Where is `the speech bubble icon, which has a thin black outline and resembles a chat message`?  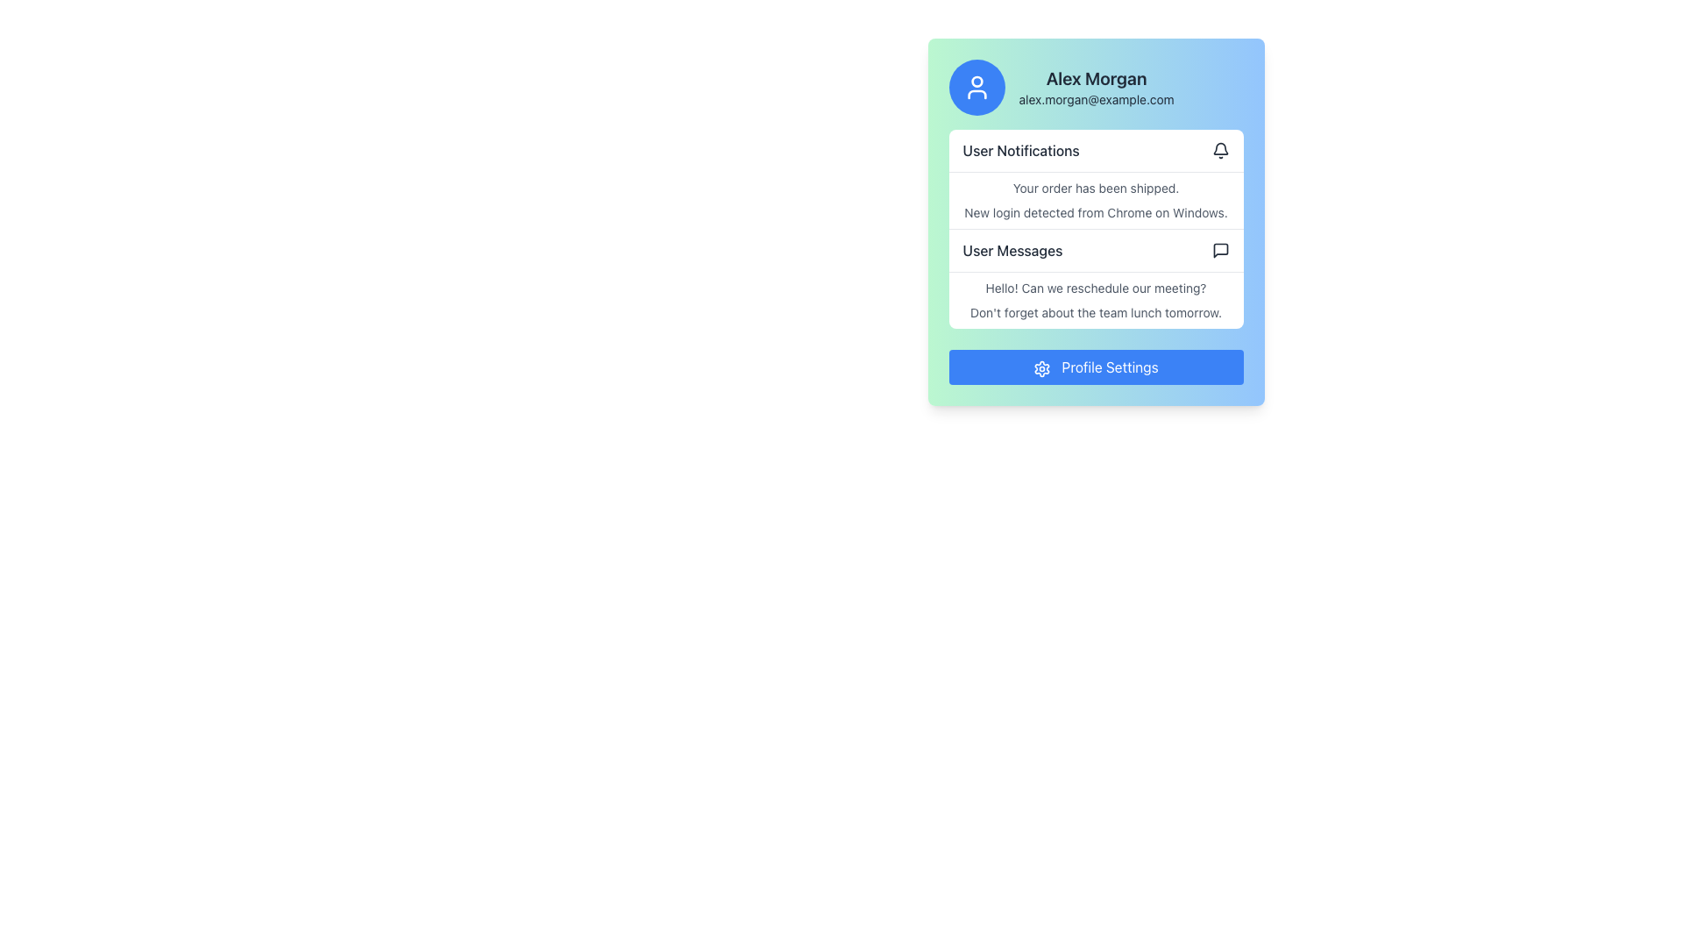
the speech bubble icon, which has a thin black outline and resembles a chat message is located at coordinates (1219, 250).